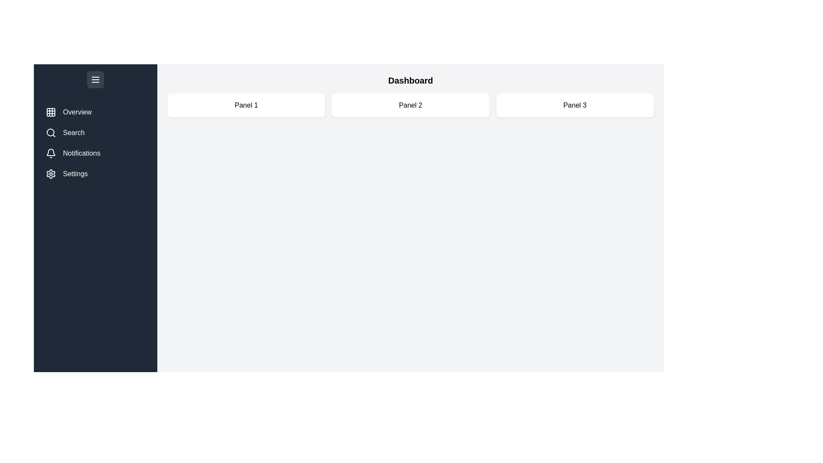 Image resolution: width=823 pixels, height=463 pixels. What do you see at coordinates (95, 112) in the screenshot?
I see `the menu item Overview in the ModernDrawer component` at bounding box center [95, 112].